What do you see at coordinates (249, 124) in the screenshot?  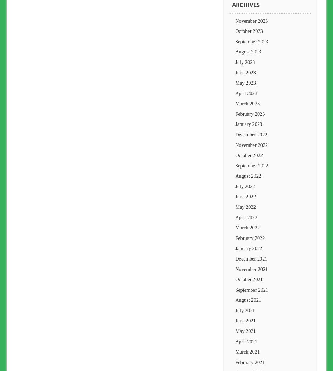 I see `'January 2023'` at bounding box center [249, 124].